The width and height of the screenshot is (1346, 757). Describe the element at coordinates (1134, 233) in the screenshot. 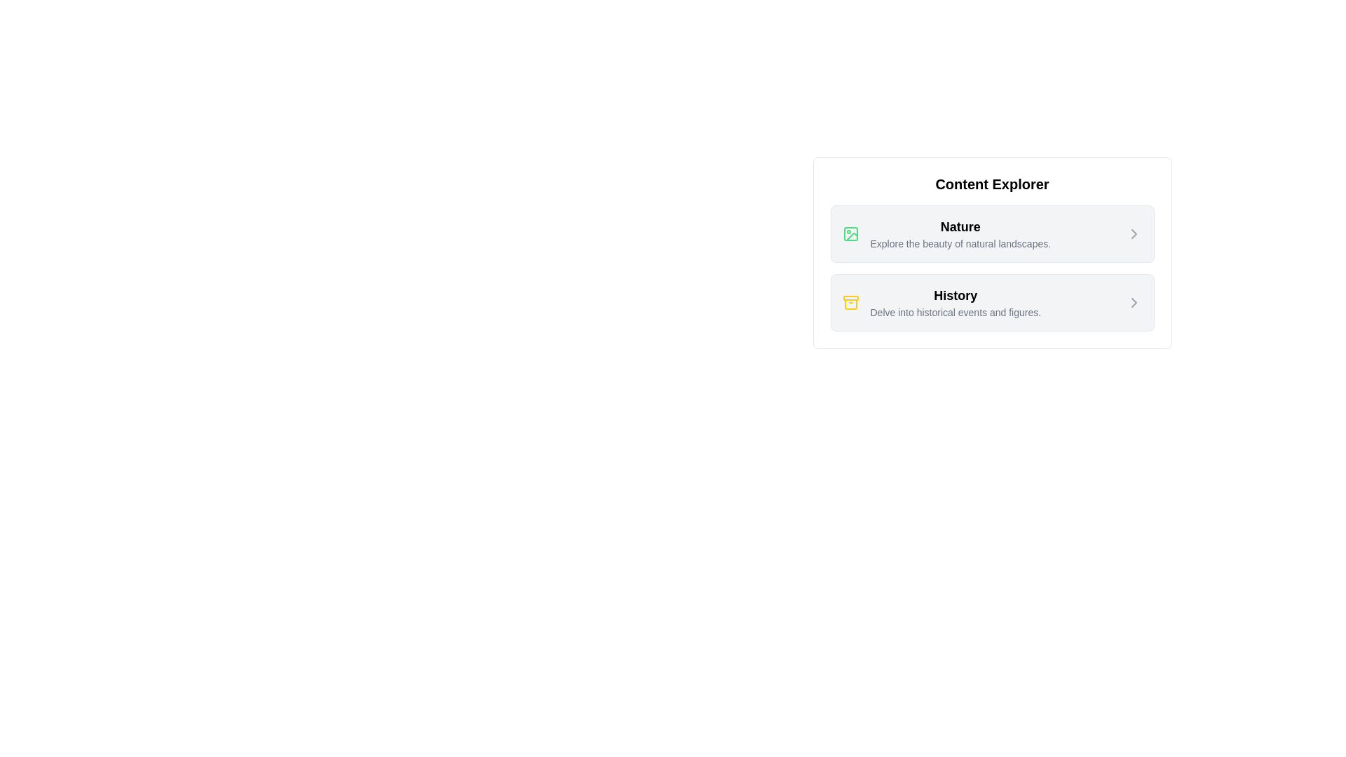

I see `the rightward-pointing chevron arrow icon located in the right section of the 'Nature' row in the 'Content Explorer' panel` at that location.